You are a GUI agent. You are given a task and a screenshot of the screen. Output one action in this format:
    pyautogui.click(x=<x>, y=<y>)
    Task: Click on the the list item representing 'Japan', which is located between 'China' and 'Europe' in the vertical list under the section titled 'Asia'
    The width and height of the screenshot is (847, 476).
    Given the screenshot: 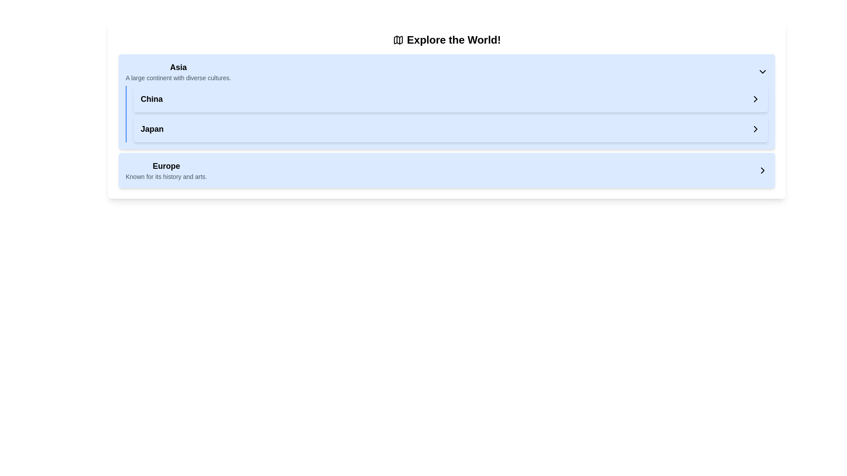 What is the action you would take?
    pyautogui.click(x=451, y=129)
    